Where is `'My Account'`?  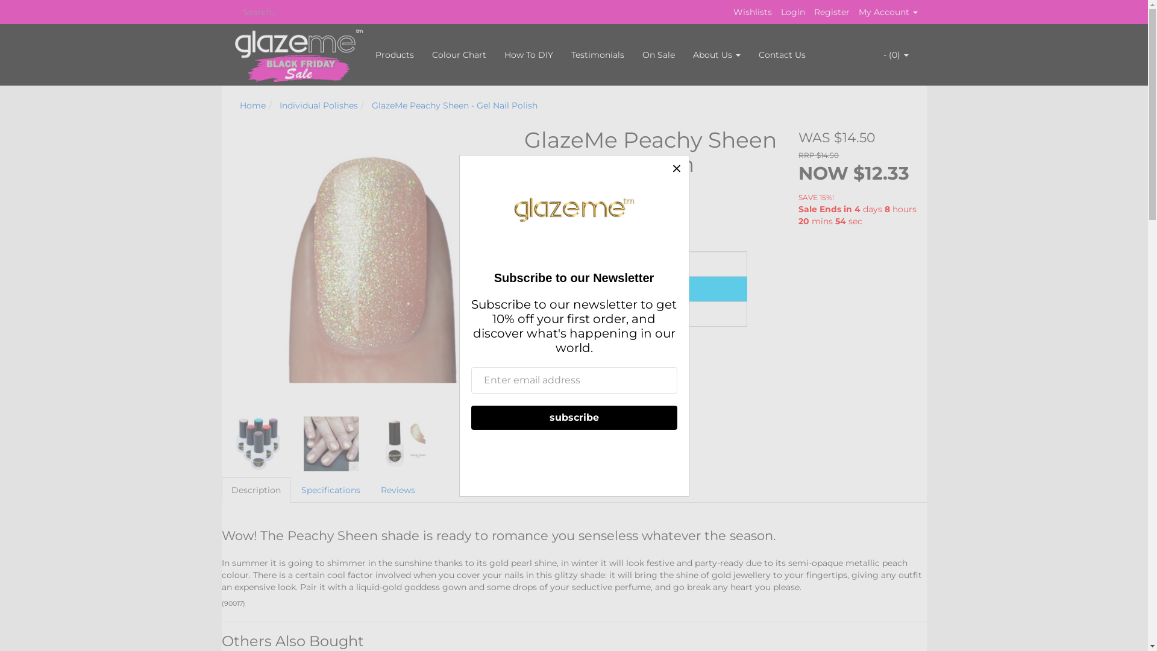
'My Account' is located at coordinates (888, 11).